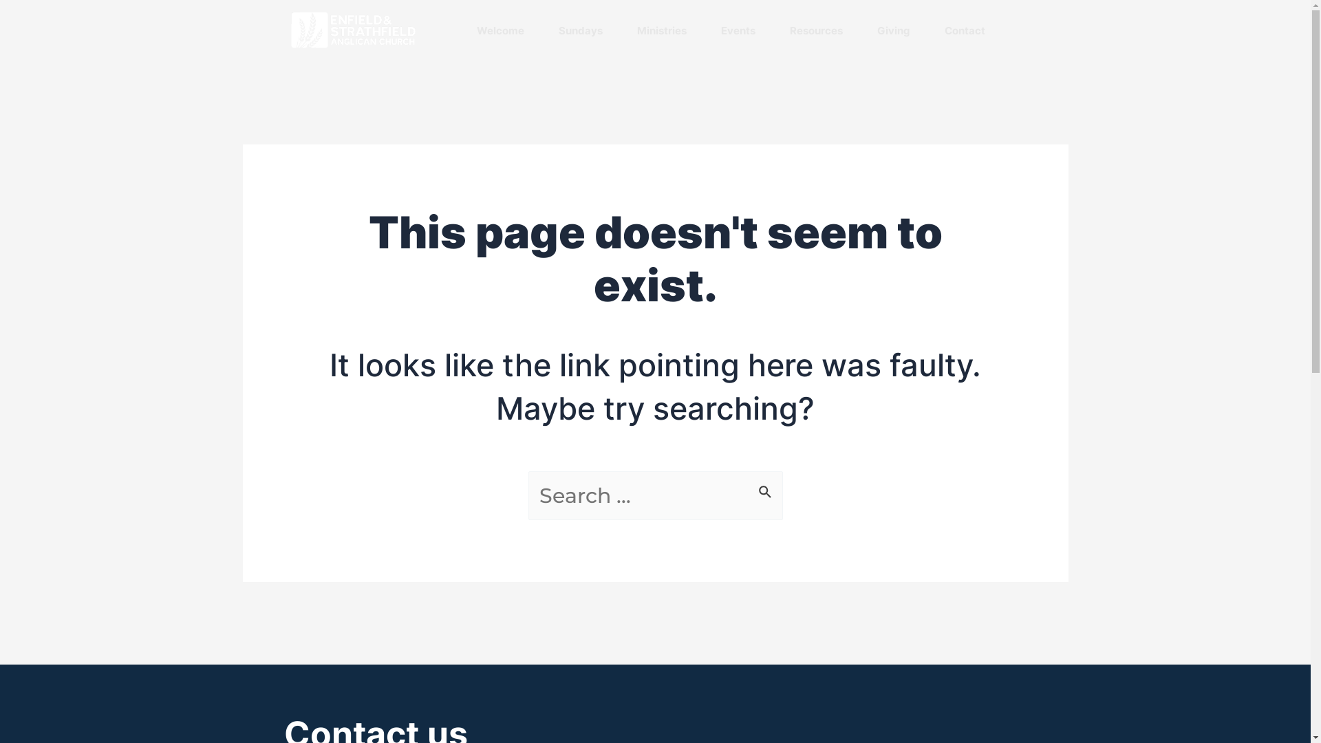  Describe the element at coordinates (816, 30) in the screenshot. I see `'Resources'` at that location.